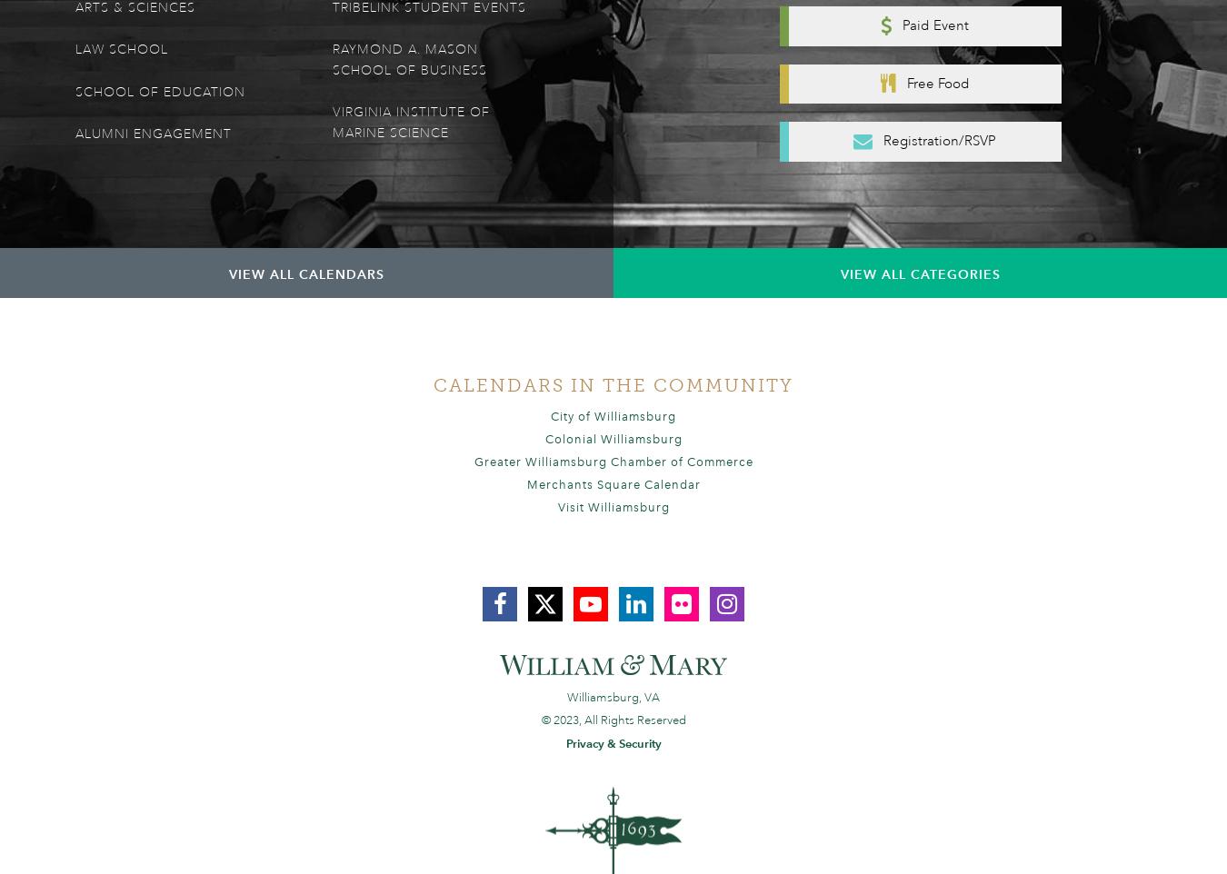 This screenshot has width=1227, height=874. What do you see at coordinates (613, 382) in the screenshot?
I see `'Calendars In the Community'` at bounding box center [613, 382].